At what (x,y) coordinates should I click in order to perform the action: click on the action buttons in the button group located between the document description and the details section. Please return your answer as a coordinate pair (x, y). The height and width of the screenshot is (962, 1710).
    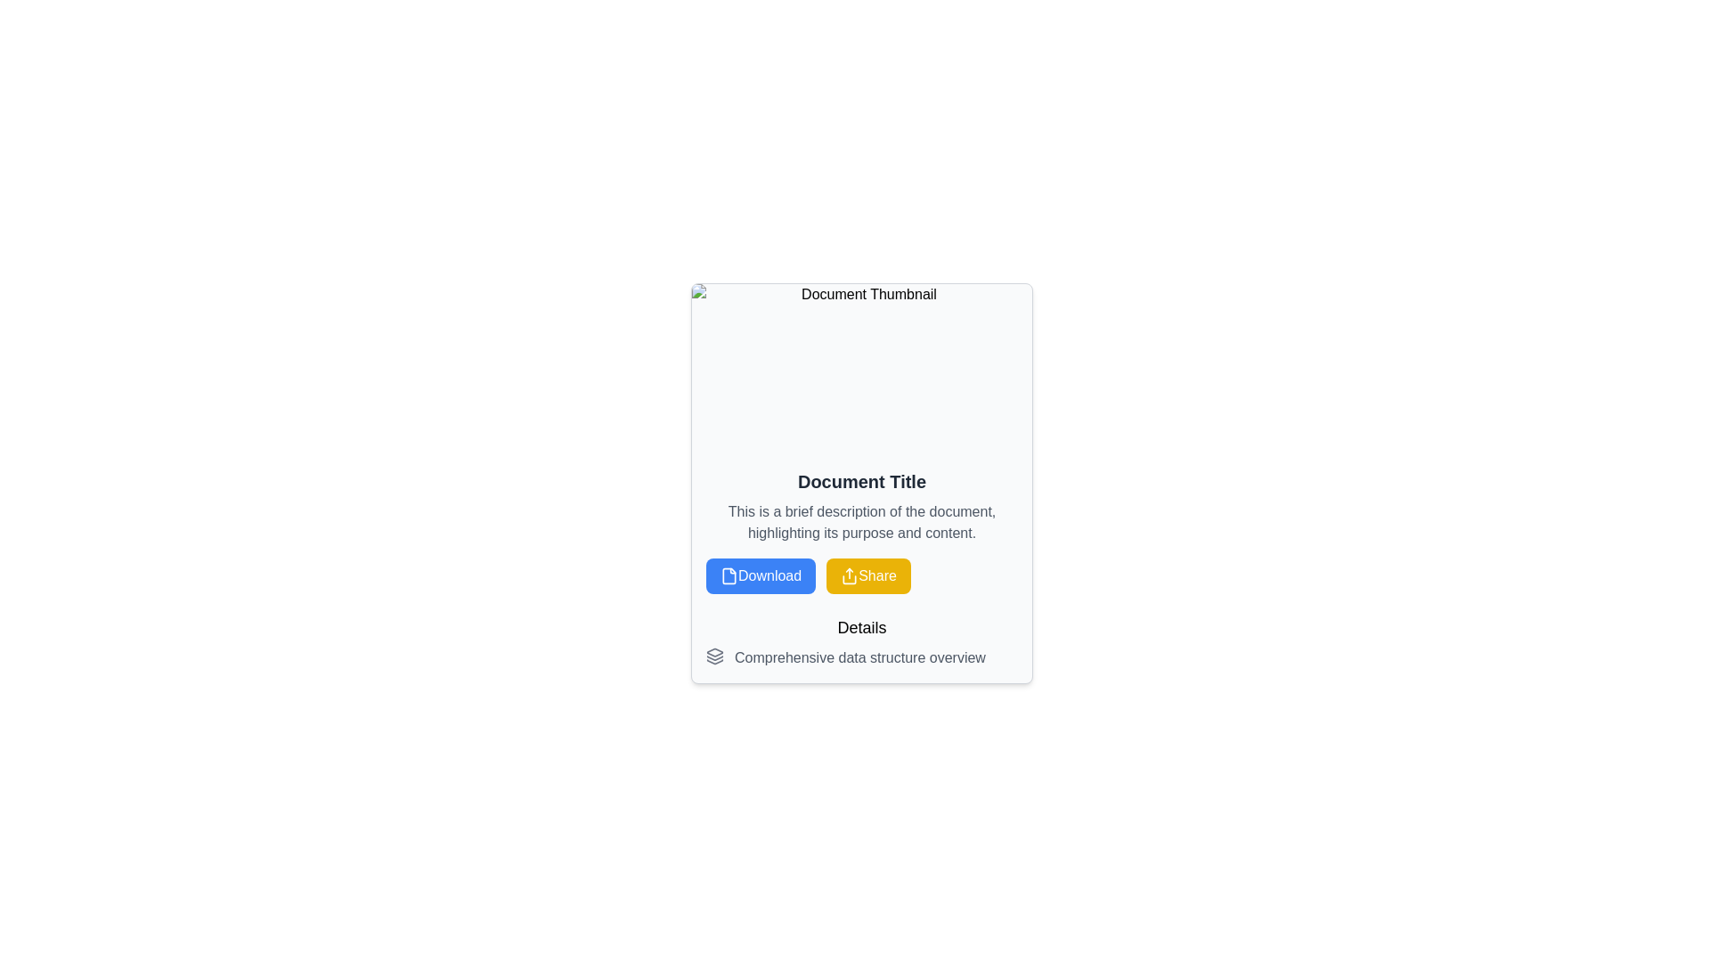
    Looking at the image, I should click on (862, 576).